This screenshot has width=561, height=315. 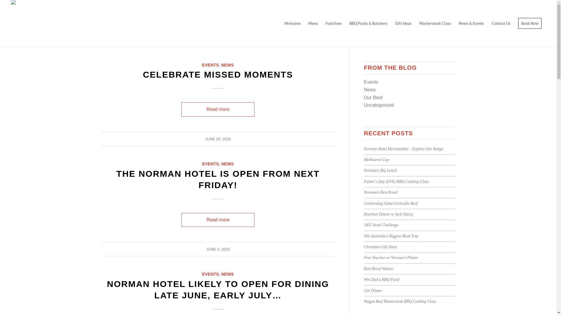 I want to click on 'Functions', so click(x=334, y=23).